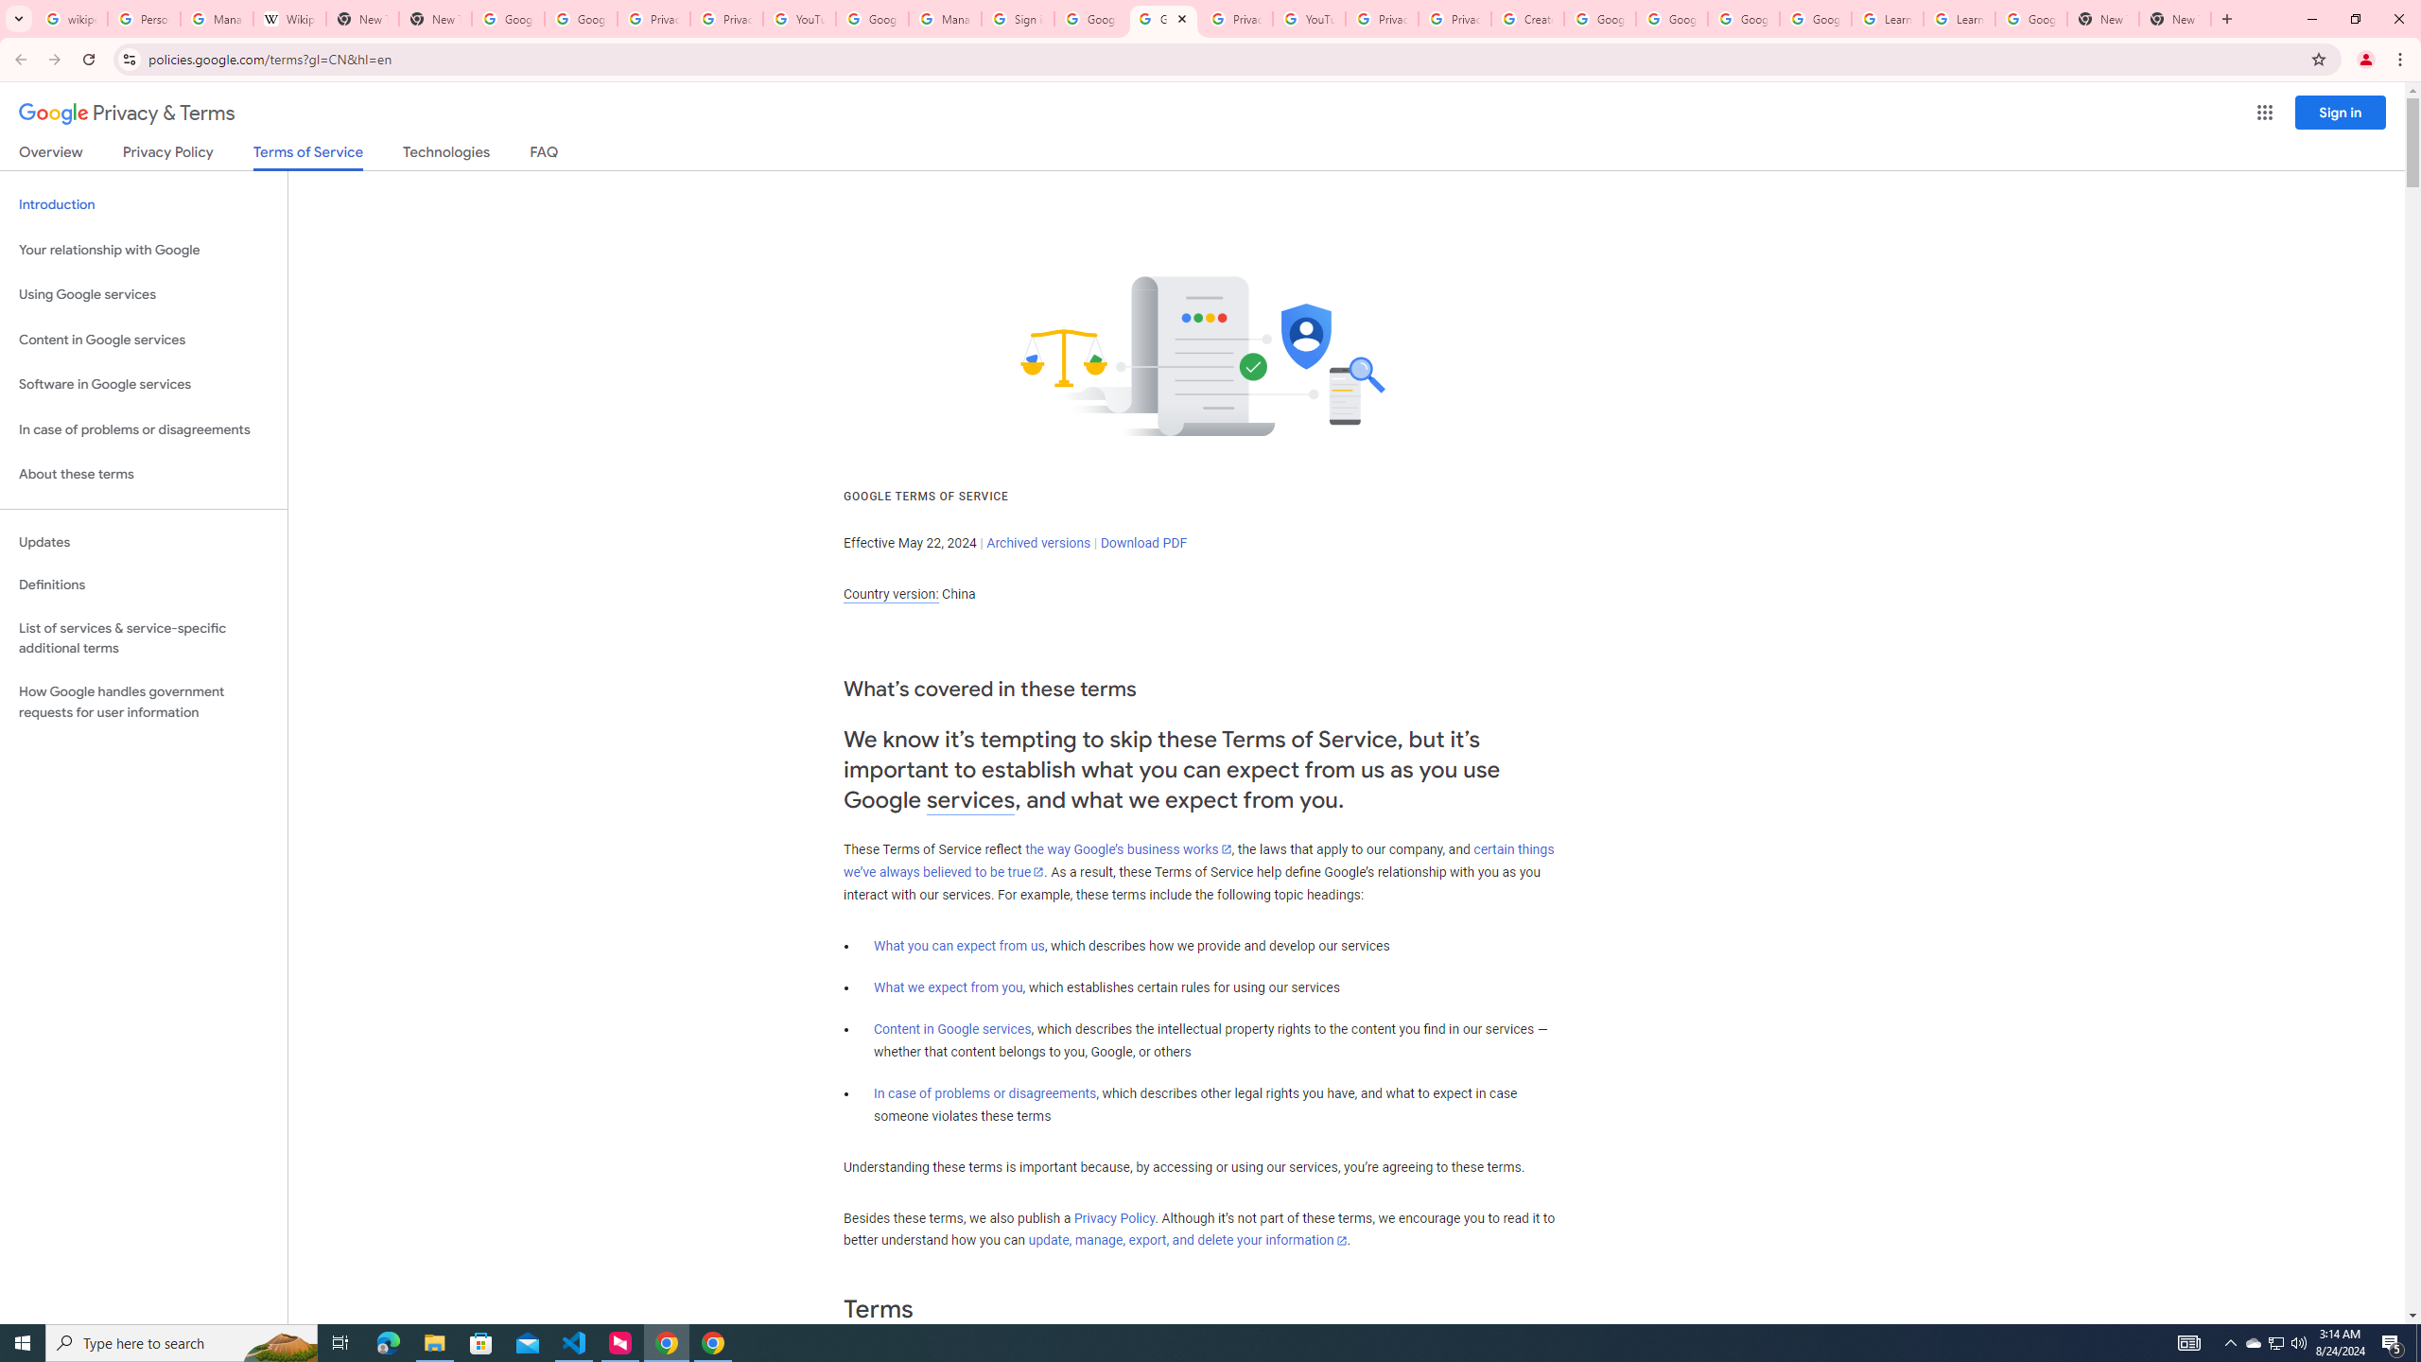 This screenshot has height=1362, width=2421. I want to click on 'Personalization & Google Search results - Google Search Help', so click(143, 18).